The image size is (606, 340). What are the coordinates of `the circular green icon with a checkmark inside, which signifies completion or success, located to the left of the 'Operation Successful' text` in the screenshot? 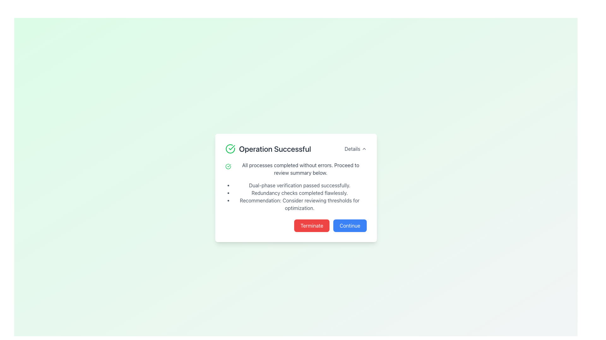 It's located at (228, 166).